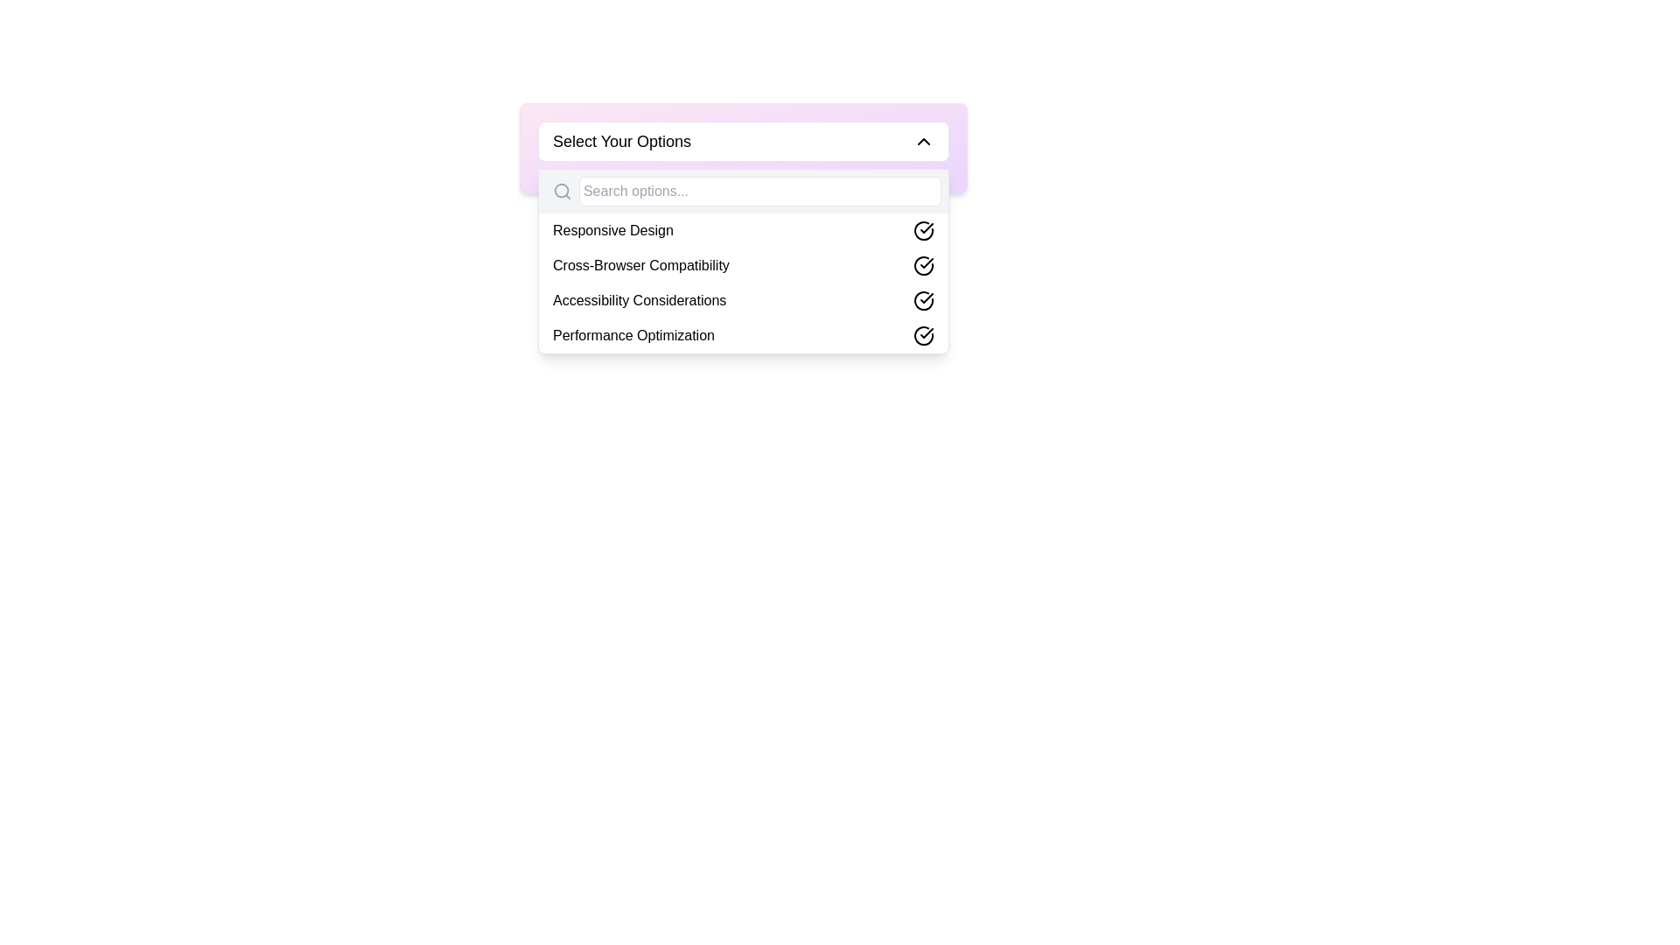 Image resolution: width=1680 pixels, height=945 pixels. What do you see at coordinates (923, 299) in the screenshot?
I see `the outlined circular icon with a checkmark inside, located at the far right of the 'Accessibility Considerations' option in the dropdown list` at bounding box center [923, 299].